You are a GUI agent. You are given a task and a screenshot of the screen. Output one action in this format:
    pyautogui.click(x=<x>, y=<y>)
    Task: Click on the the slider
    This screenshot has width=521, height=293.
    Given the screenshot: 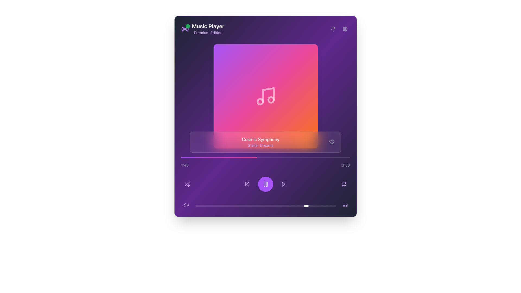 What is the action you would take?
    pyautogui.click(x=274, y=206)
    